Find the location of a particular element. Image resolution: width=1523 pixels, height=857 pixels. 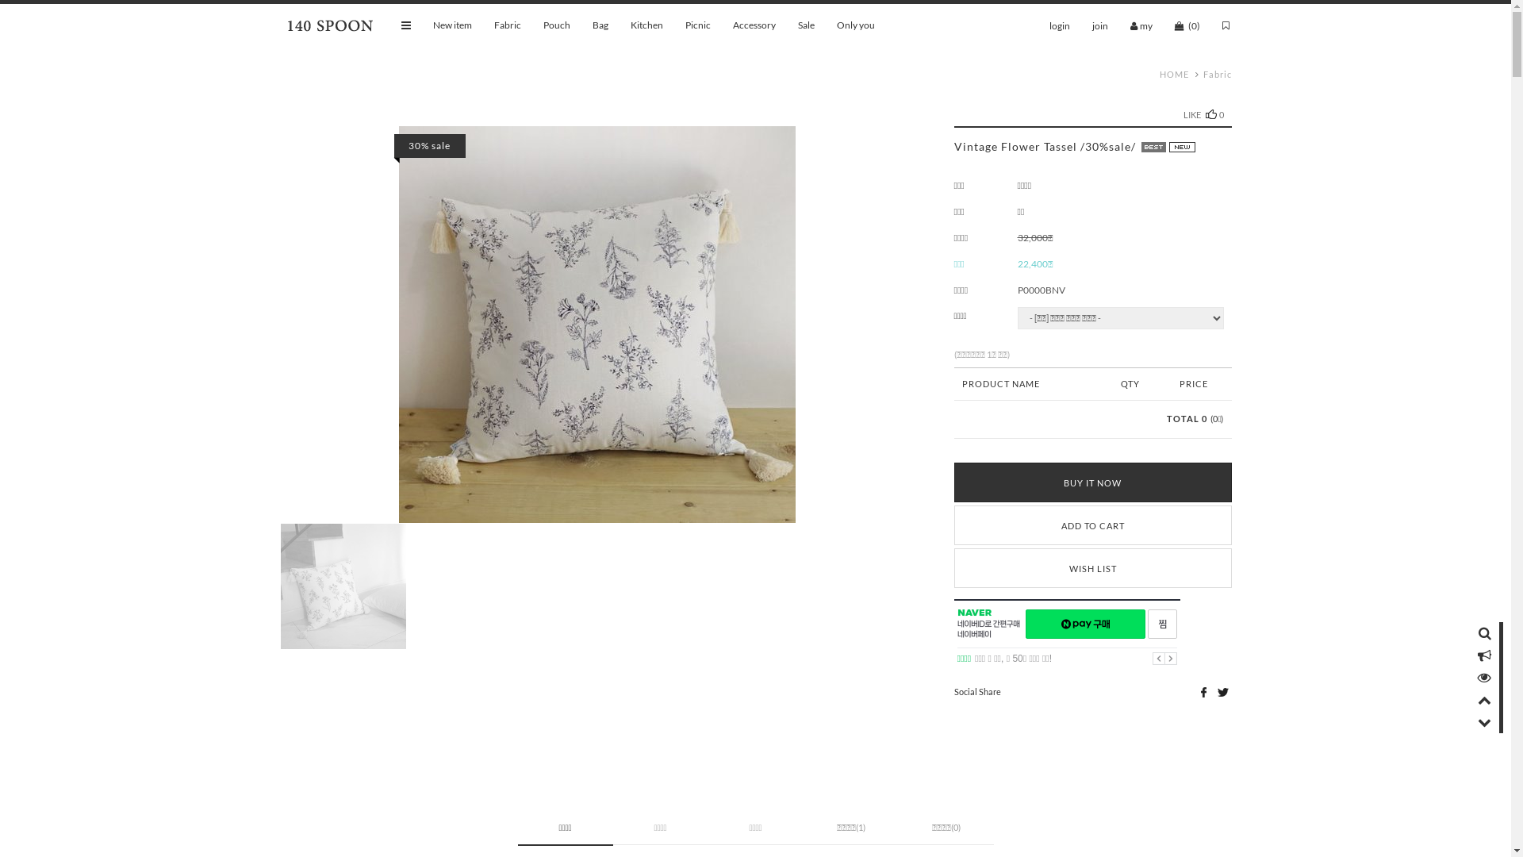

'Sale' is located at coordinates (806, 25).